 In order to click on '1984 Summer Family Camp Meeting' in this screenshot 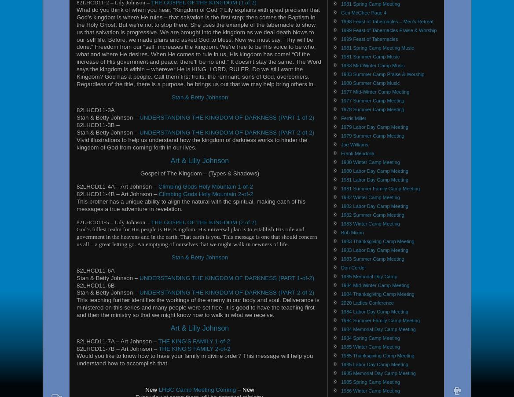, I will do `click(380, 320)`.